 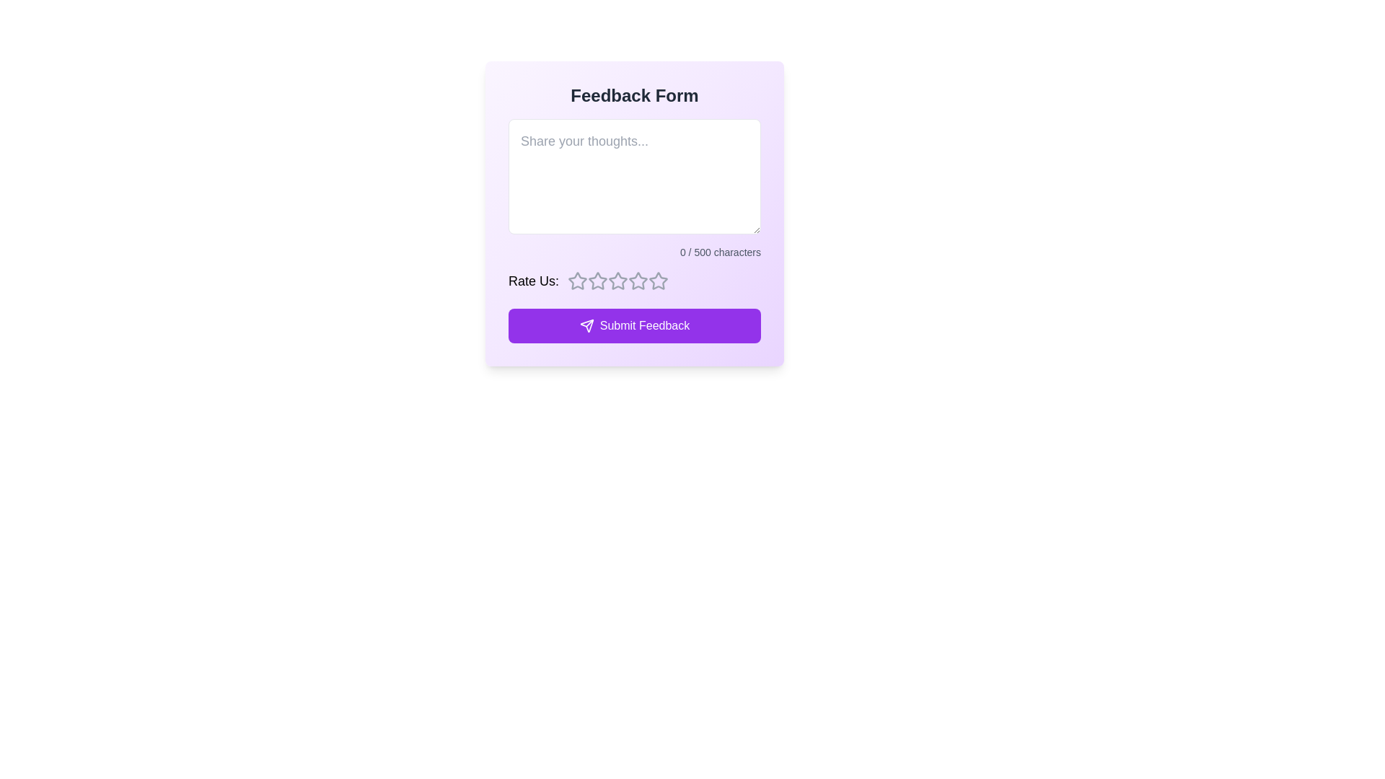 I want to click on the fourth star-shaped rating icon with a gray outline, so click(x=618, y=281).